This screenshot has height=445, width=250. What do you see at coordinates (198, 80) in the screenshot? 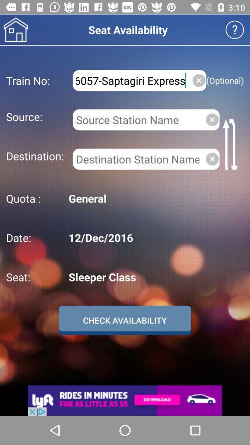
I see `clear words` at bounding box center [198, 80].